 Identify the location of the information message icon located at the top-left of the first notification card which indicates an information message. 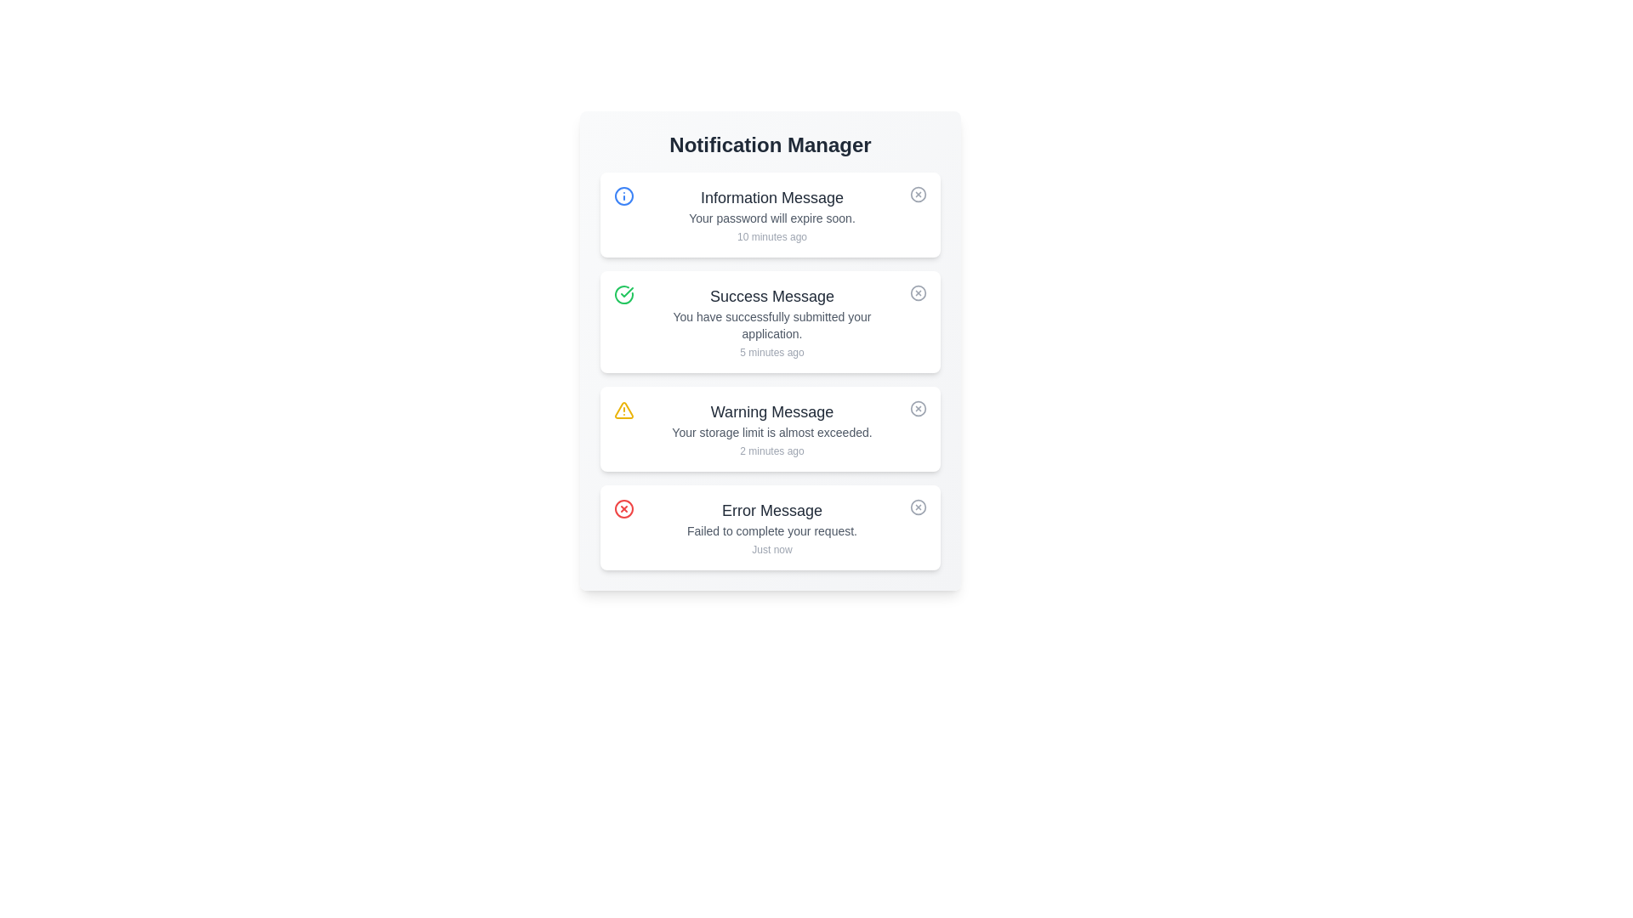
(623, 195).